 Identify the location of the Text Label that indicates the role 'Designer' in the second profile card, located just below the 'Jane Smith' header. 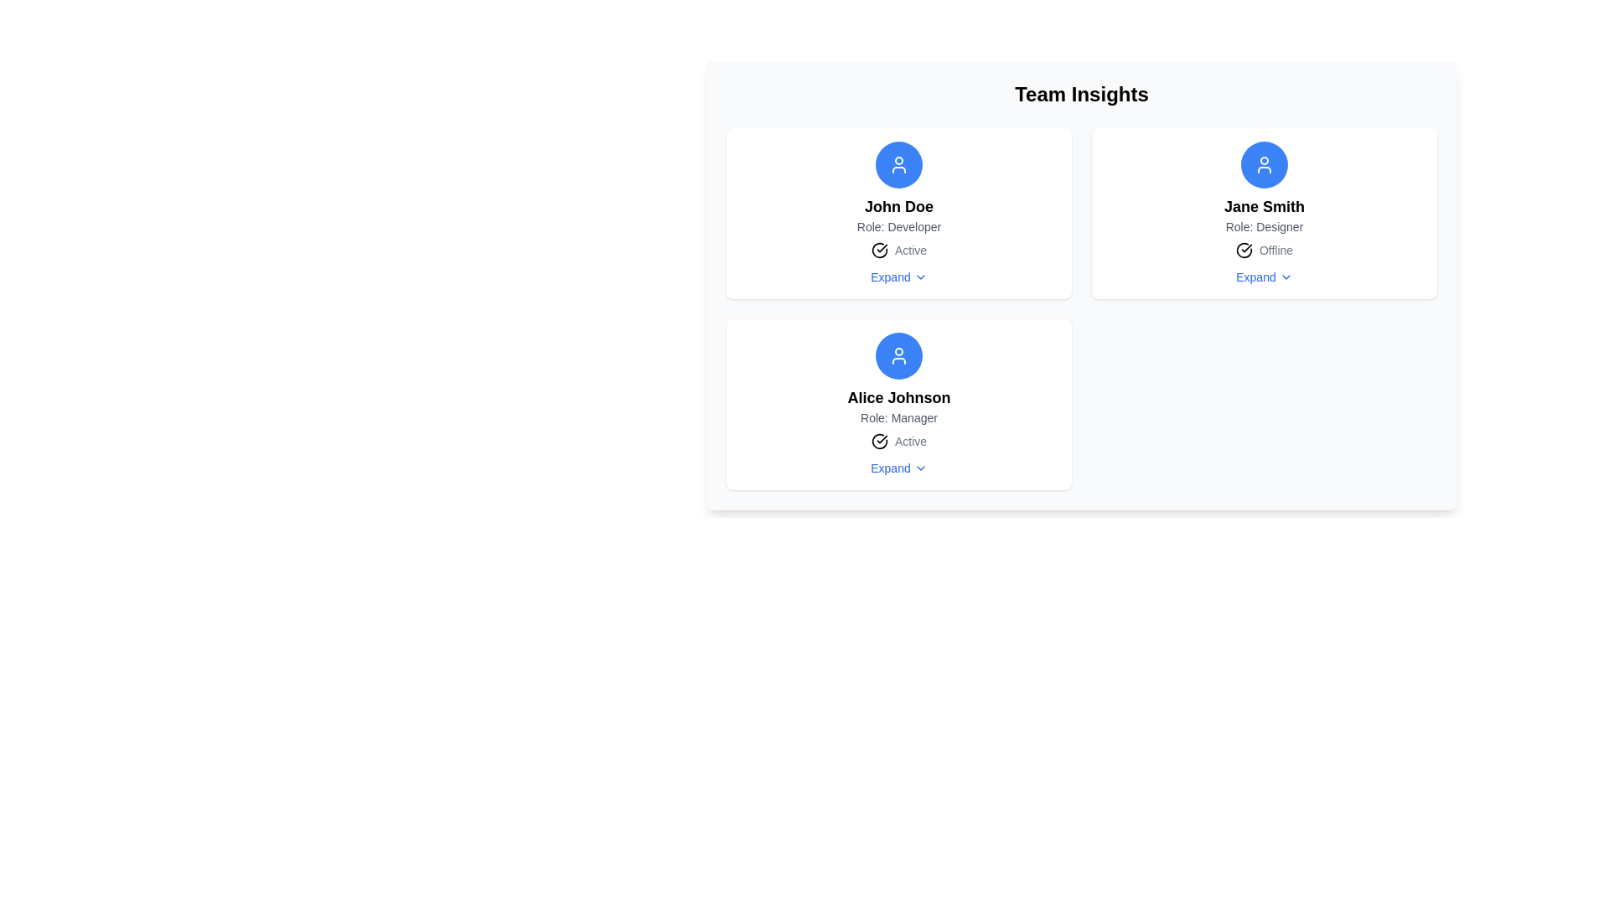
(1264, 226).